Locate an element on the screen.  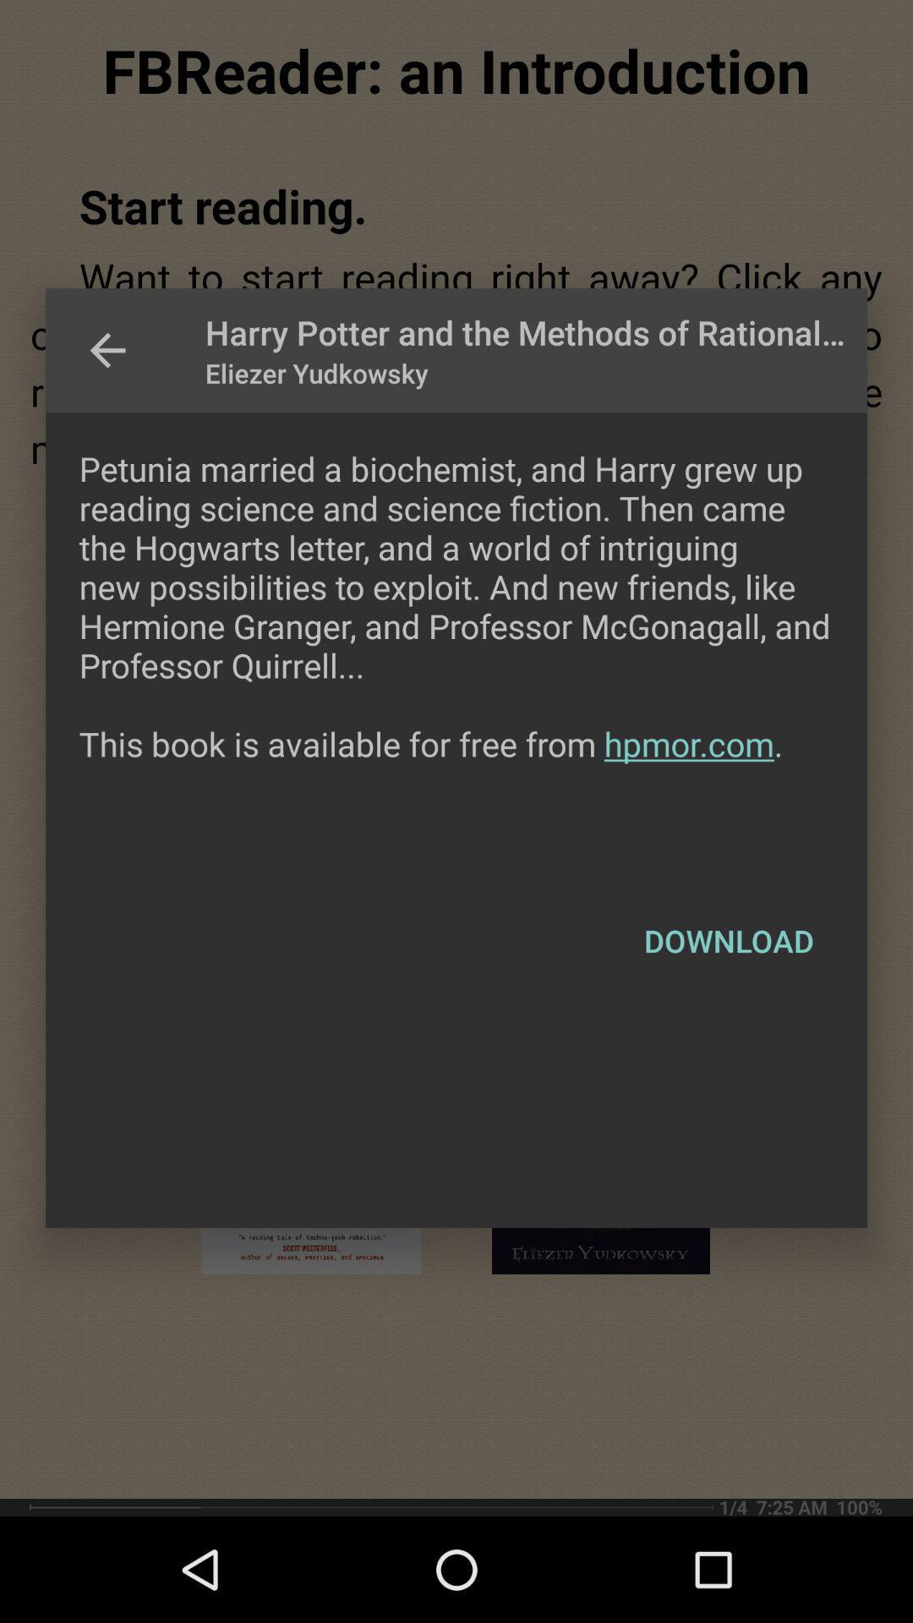
icon at the top left corner is located at coordinates (107, 349).